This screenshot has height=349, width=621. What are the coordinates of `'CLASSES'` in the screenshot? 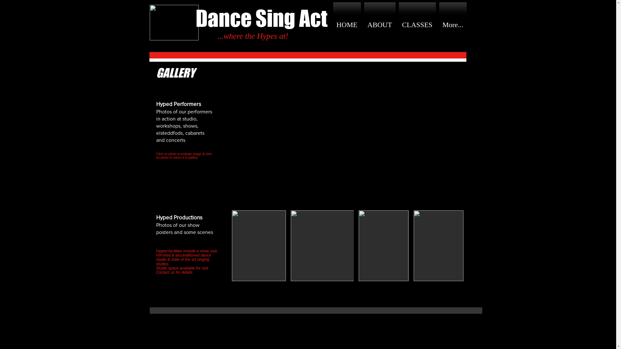 It's located at (397, 25).